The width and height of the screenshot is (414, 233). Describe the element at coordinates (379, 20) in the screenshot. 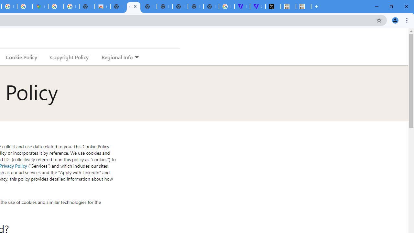

I see `'Bookmark this tab'` at that location.